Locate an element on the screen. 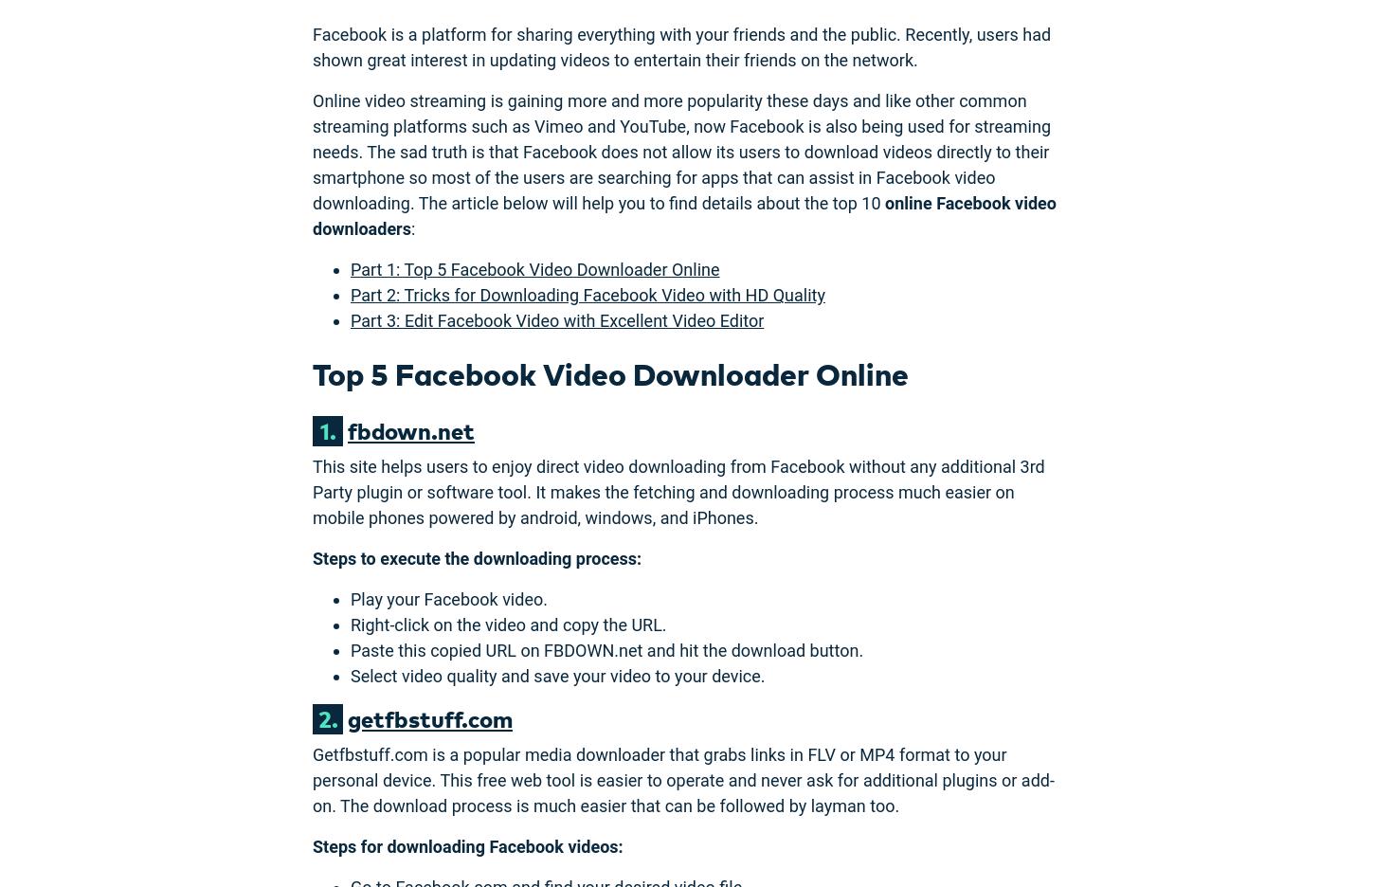 The image size is (1374, 887). 'This site helps users to enjoy direct video downloading from Facebook without any additional 3rd Party plugin or software tool. It makes the fetching and downloading process much easier on mobile phones powered by android, windows, and iPhones.' is located at coordinates (678, 491).